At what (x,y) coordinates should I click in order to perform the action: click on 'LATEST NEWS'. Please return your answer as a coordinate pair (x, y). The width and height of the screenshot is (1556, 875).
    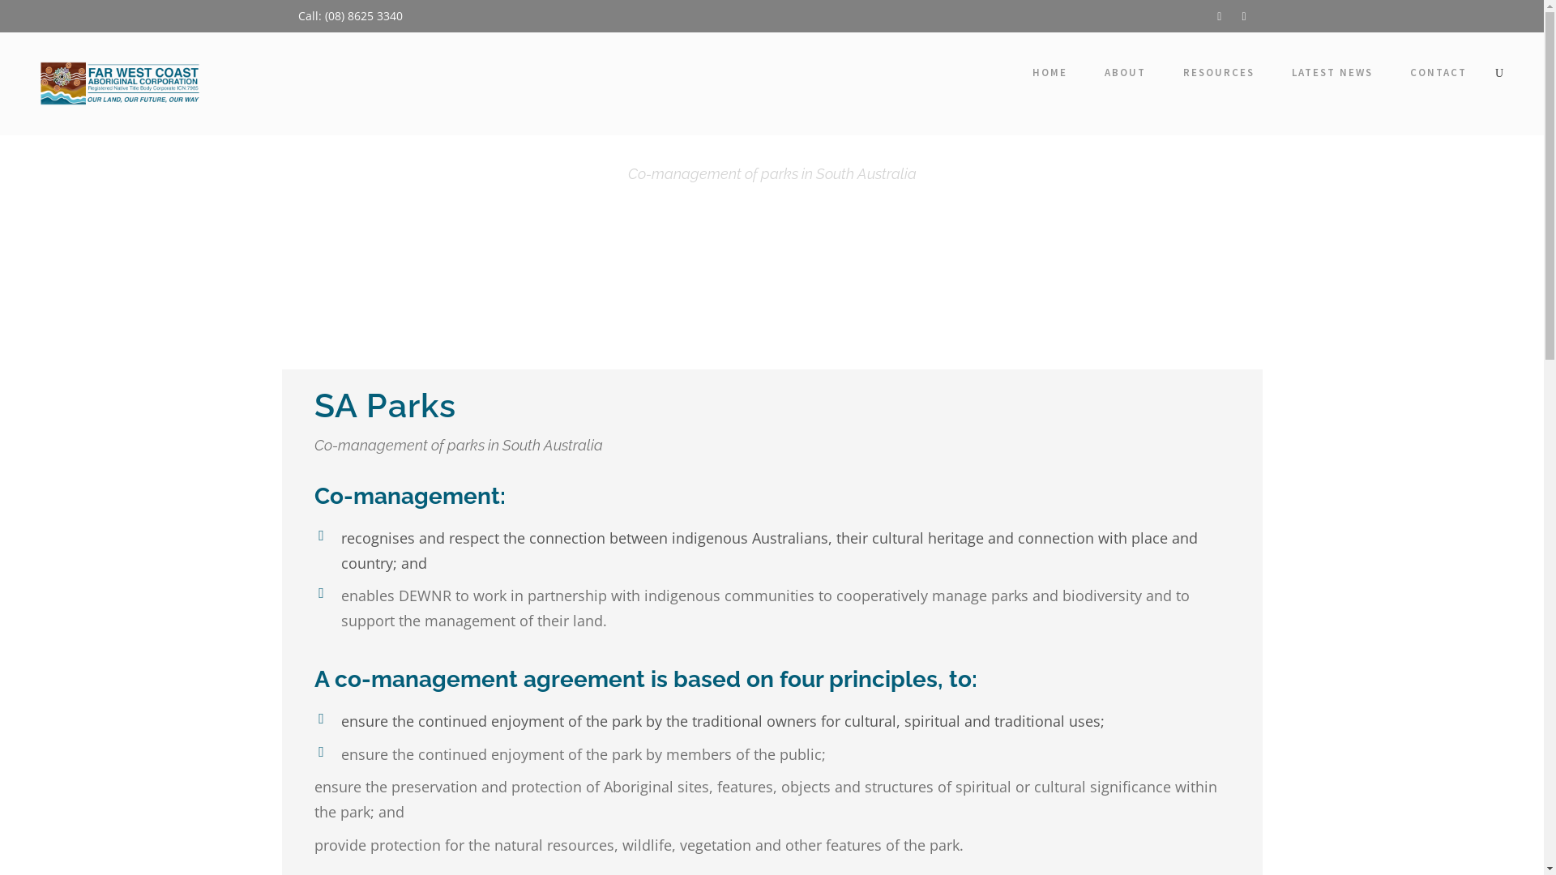
    Looking at the image, I should click on (1332, 76).